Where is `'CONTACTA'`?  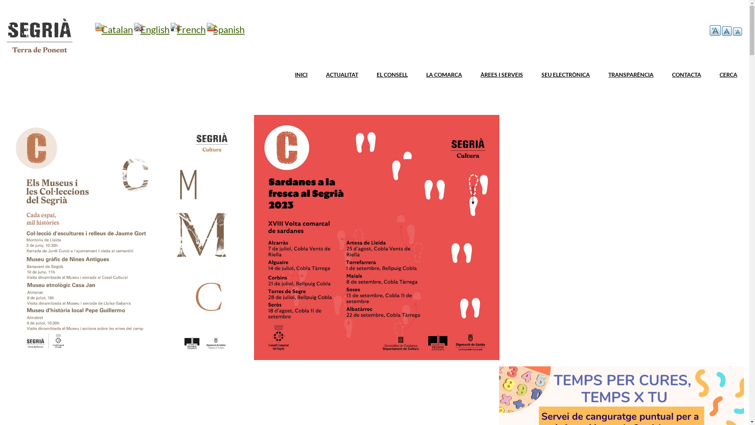 'CONTACTA' is located at coordinates (686, 75).